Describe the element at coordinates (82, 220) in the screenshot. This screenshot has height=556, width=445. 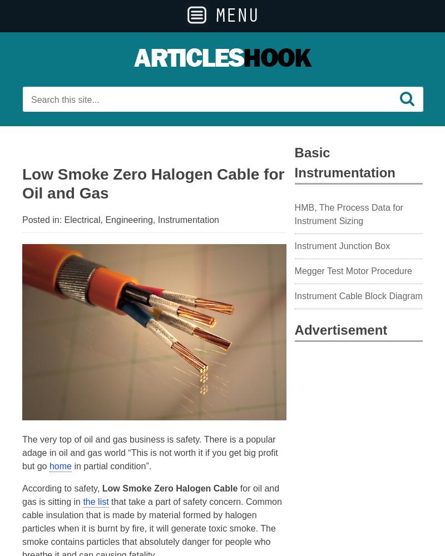
I see `'Electrical'` at that location.